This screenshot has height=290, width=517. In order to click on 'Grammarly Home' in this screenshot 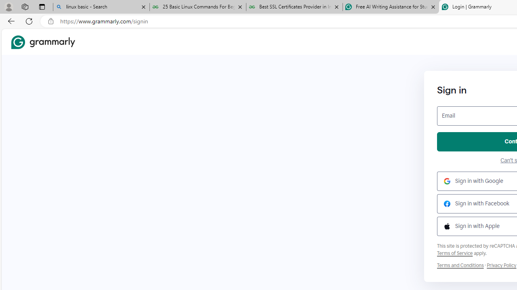, I will do `click(42, 42)`.